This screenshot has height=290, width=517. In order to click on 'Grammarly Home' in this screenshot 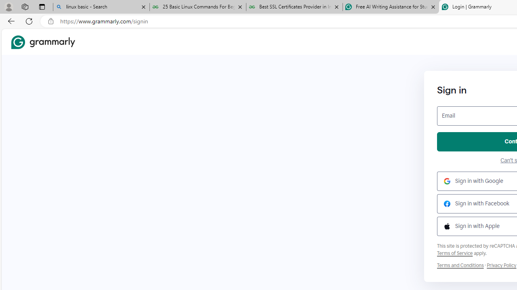, I will do `click(42, 42)`.